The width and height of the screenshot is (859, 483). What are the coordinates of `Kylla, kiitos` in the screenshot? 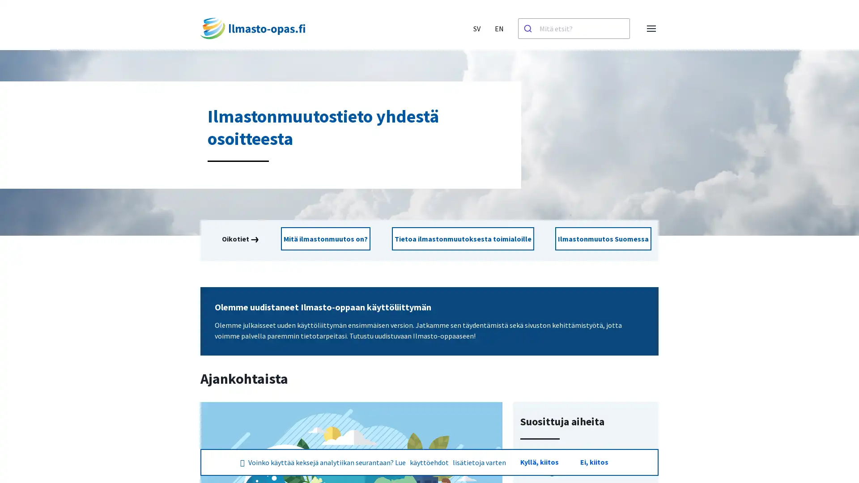 It's located at (538, 462).